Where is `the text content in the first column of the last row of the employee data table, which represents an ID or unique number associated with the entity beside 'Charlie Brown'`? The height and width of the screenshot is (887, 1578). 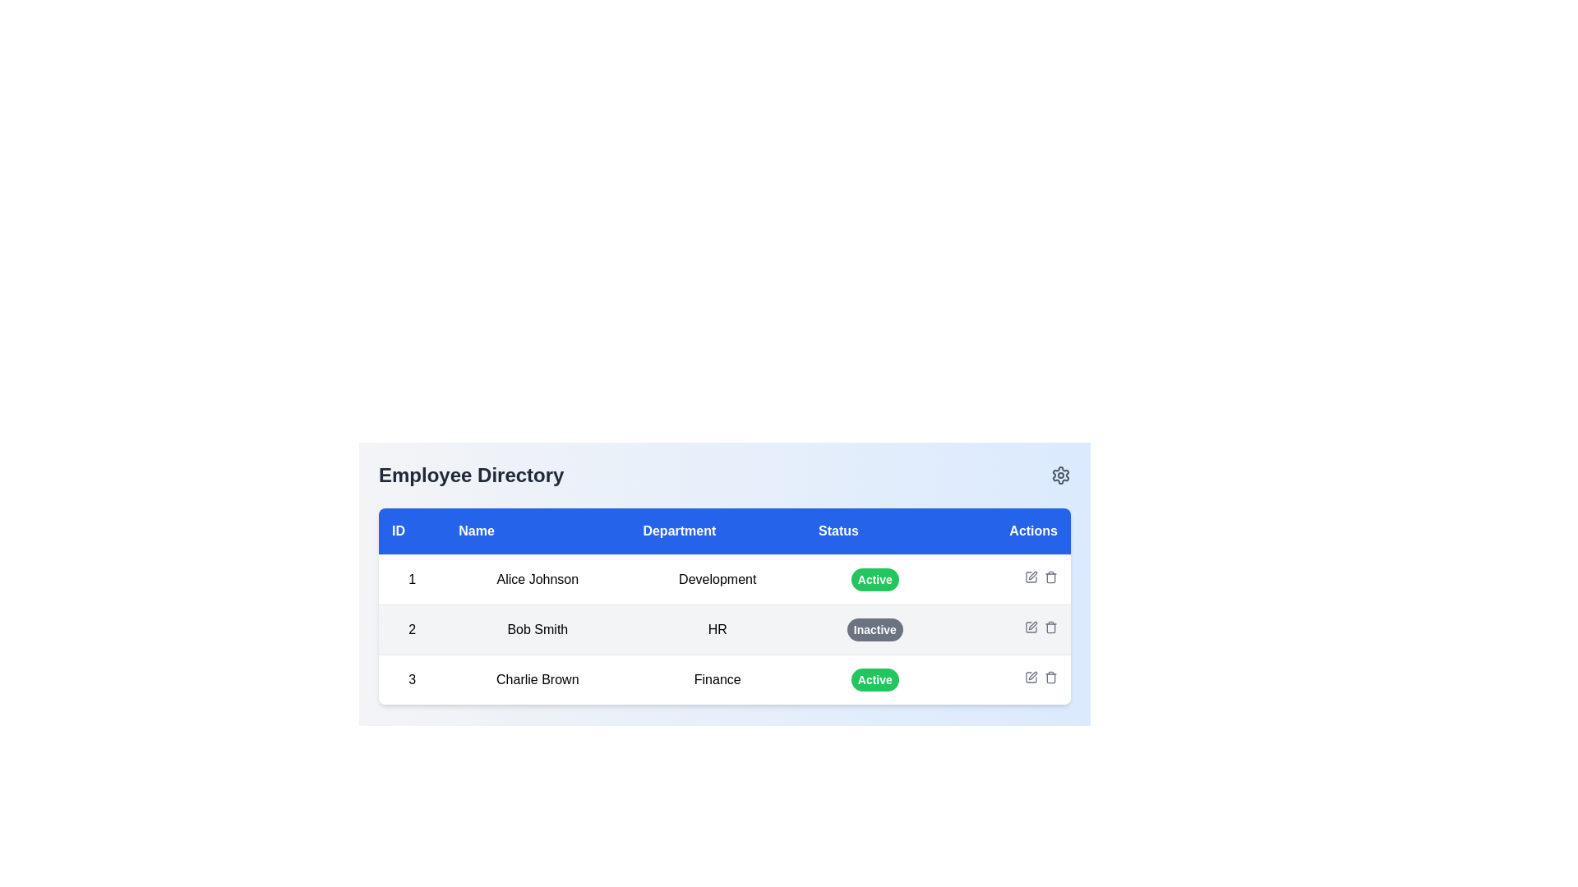 the text content in the first column of the last row of the employee data table, which represents an ID or unique number associated with the entity beside 'Charlie Brown' is located at coordinates (412, 679).